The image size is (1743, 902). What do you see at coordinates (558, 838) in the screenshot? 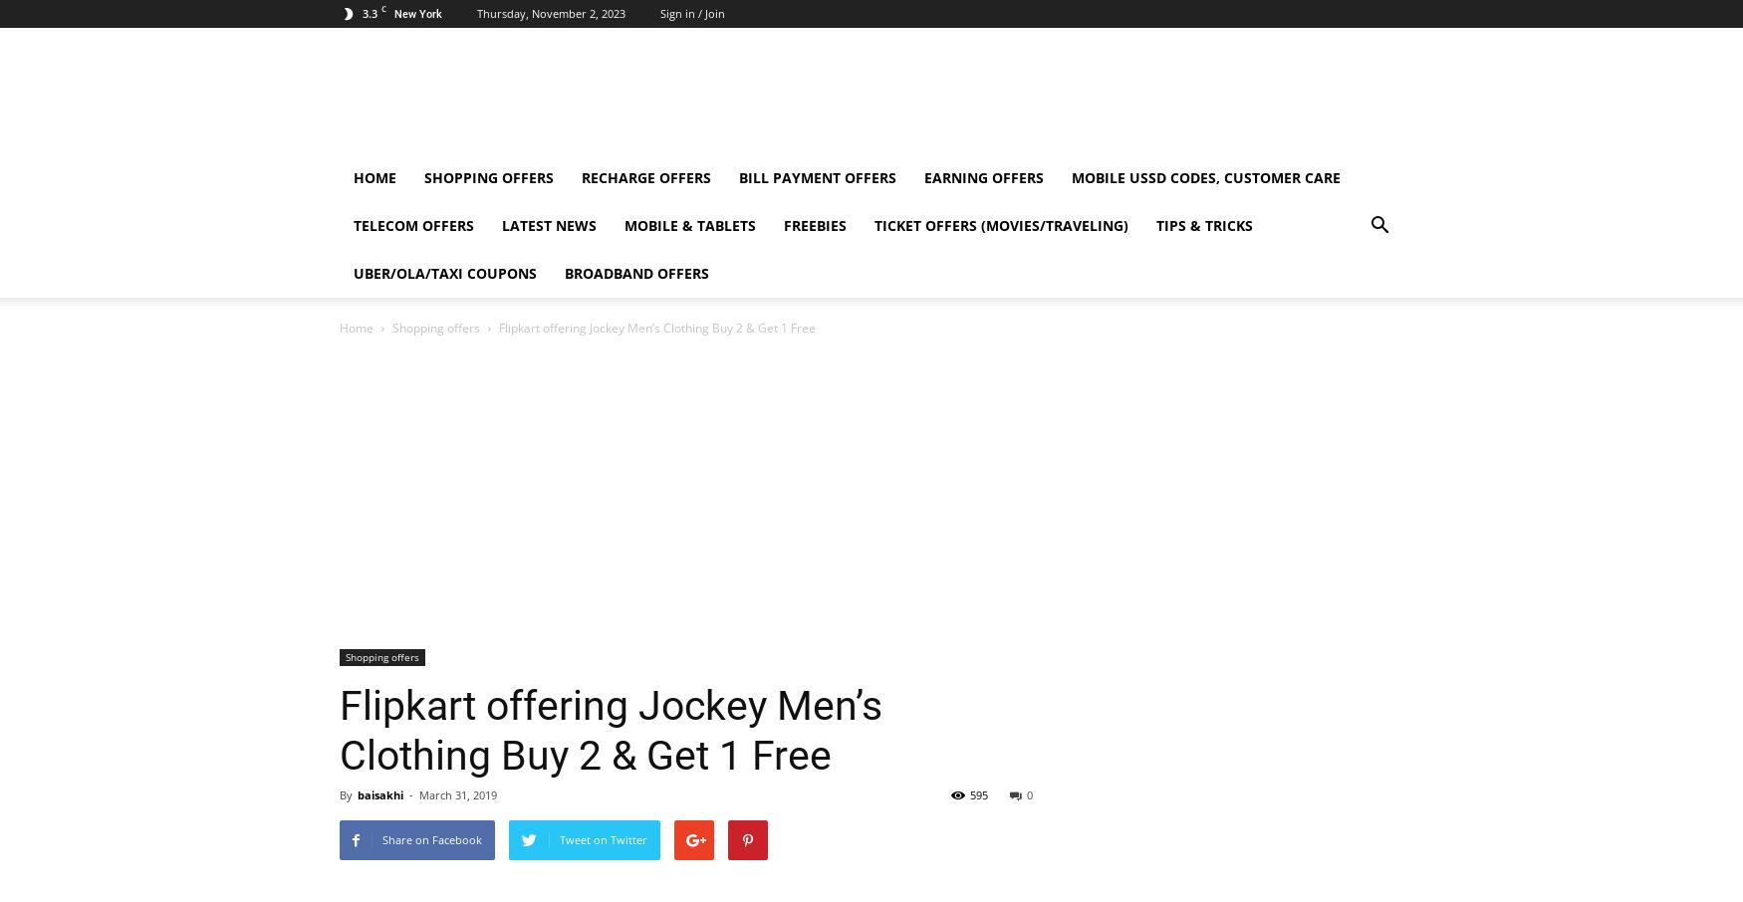
I see `'Tweet on Twitter'` at bounding box center [558, 838].